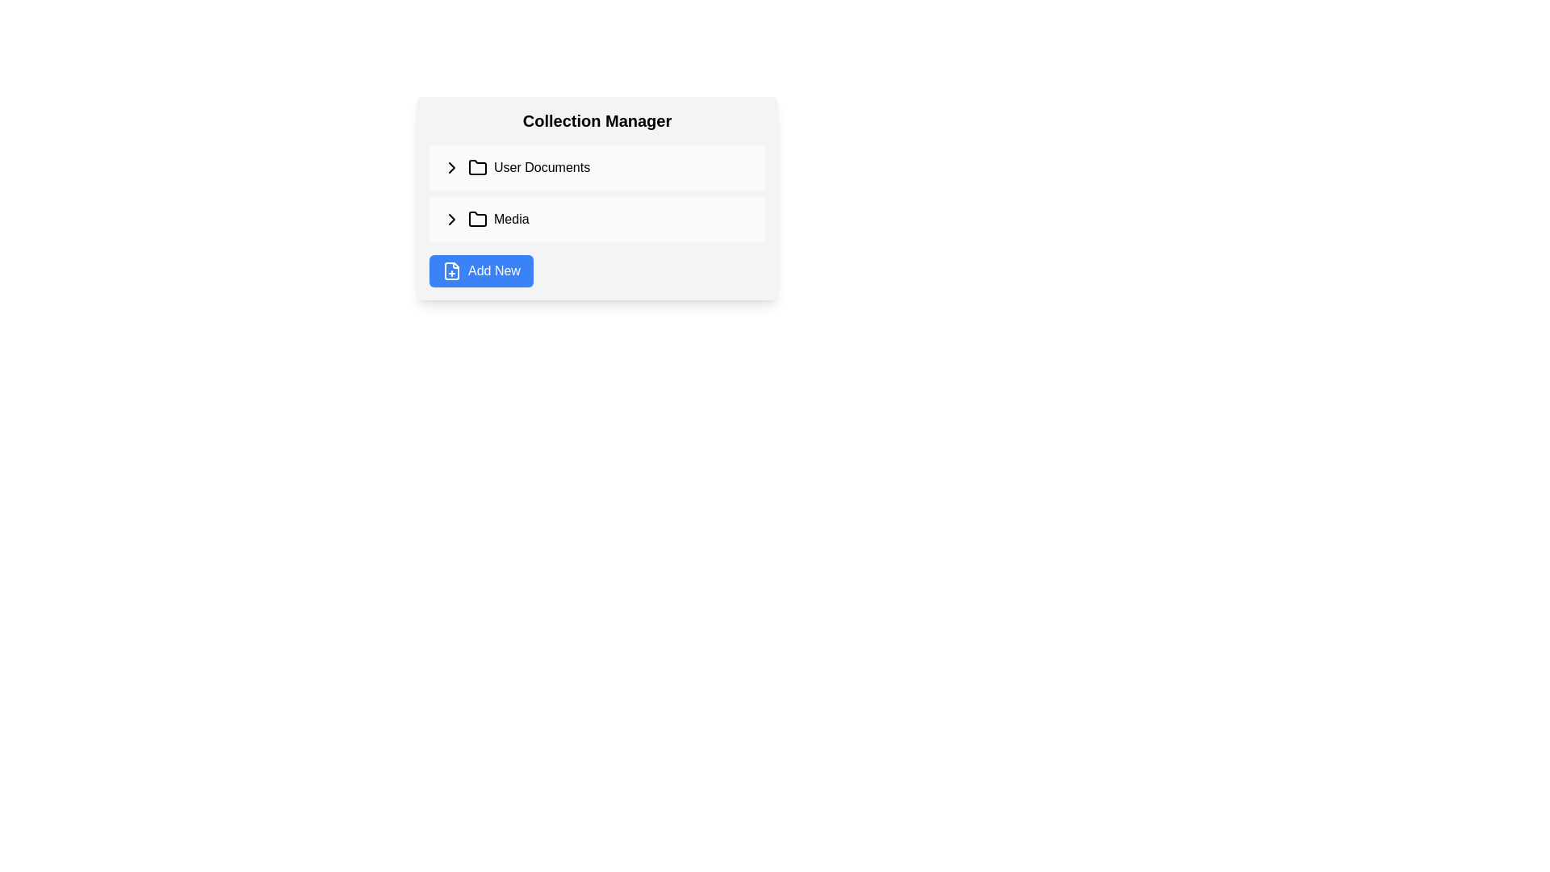  What do you see at coordinates (452, 270) in the screenshot?
I see `the blue document icon located at the center of the 'Add New' button at the bottom-left of the interface` at bounding box center [452, 270].